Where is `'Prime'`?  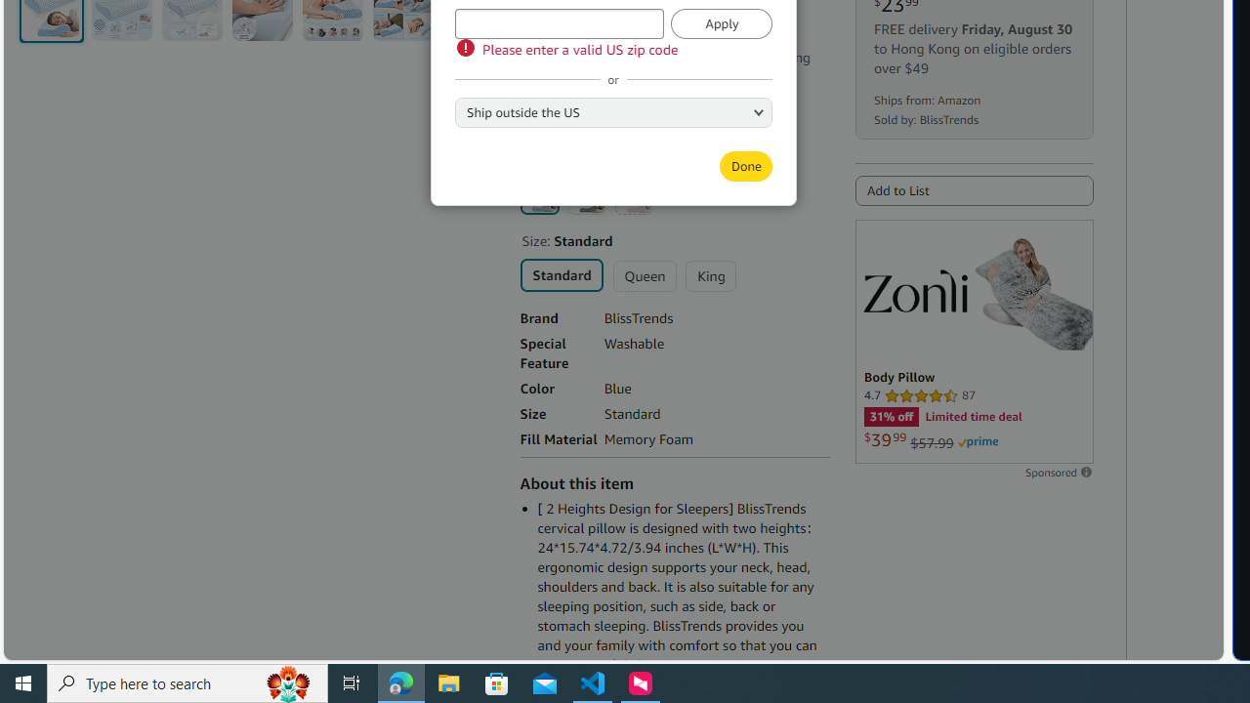
'Prime' is located at coordinates (978, 442).